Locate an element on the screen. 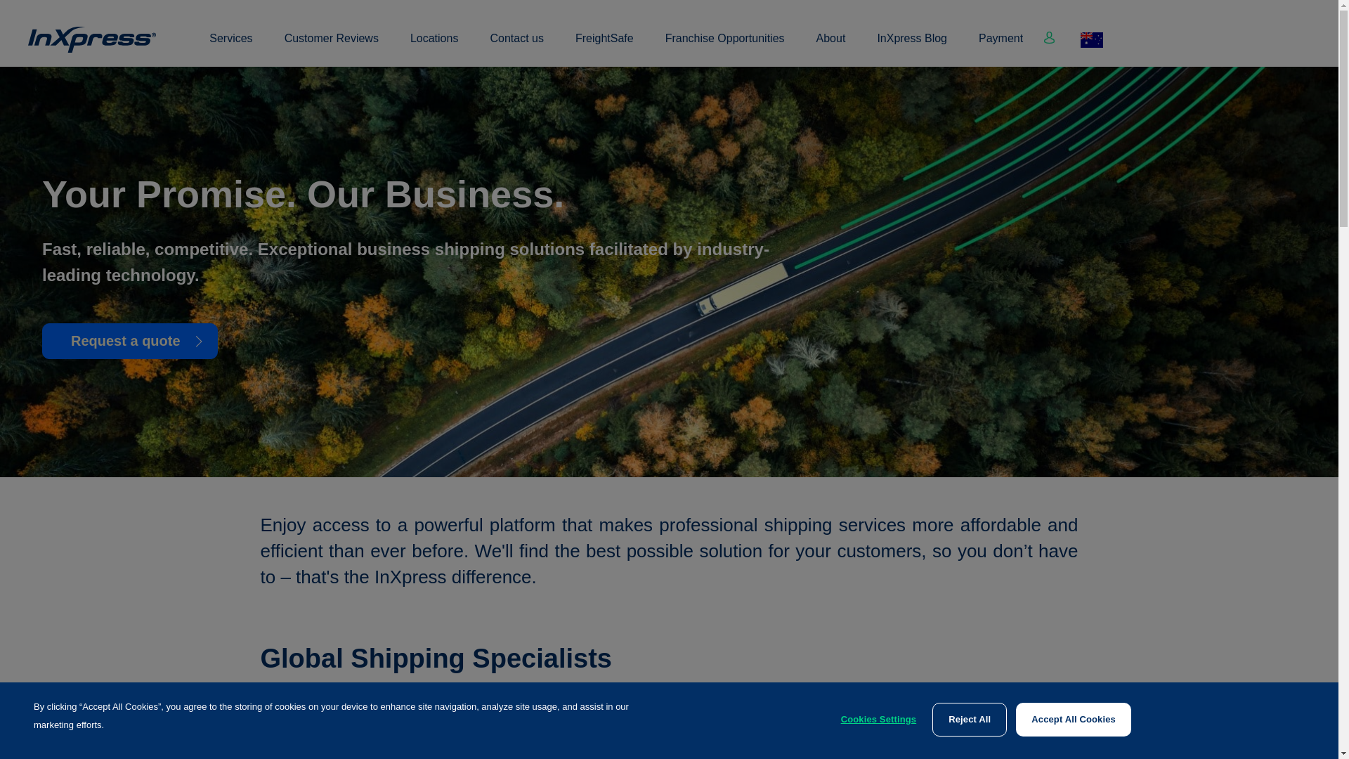  'About' is located at coordinates (830, 46).